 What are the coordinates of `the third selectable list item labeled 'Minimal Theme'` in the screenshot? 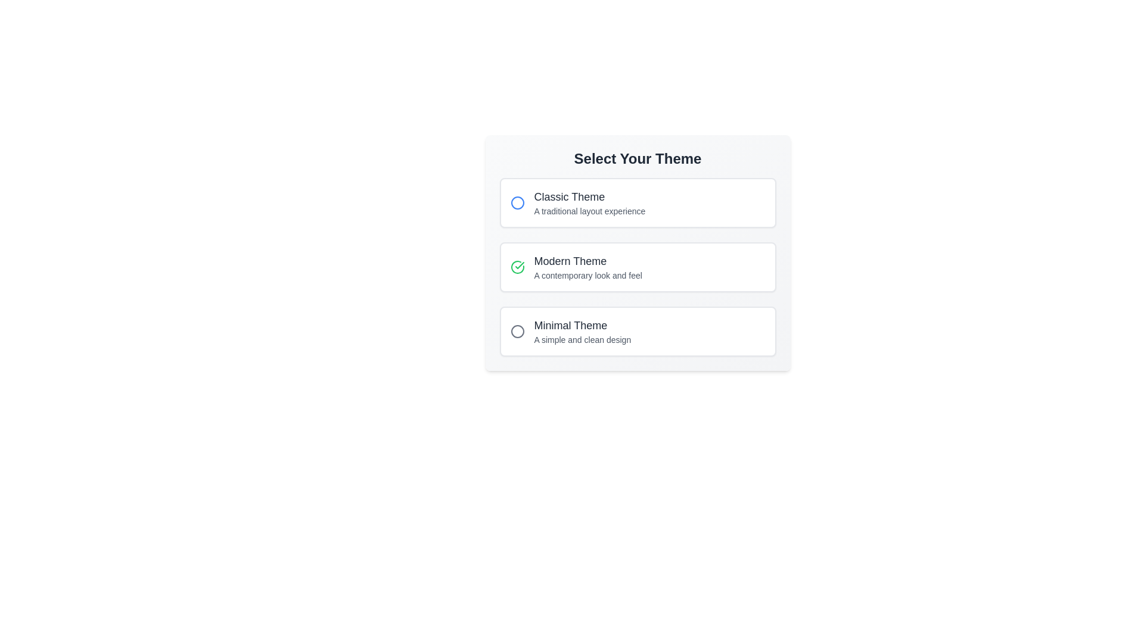 It's located at (637, 331).